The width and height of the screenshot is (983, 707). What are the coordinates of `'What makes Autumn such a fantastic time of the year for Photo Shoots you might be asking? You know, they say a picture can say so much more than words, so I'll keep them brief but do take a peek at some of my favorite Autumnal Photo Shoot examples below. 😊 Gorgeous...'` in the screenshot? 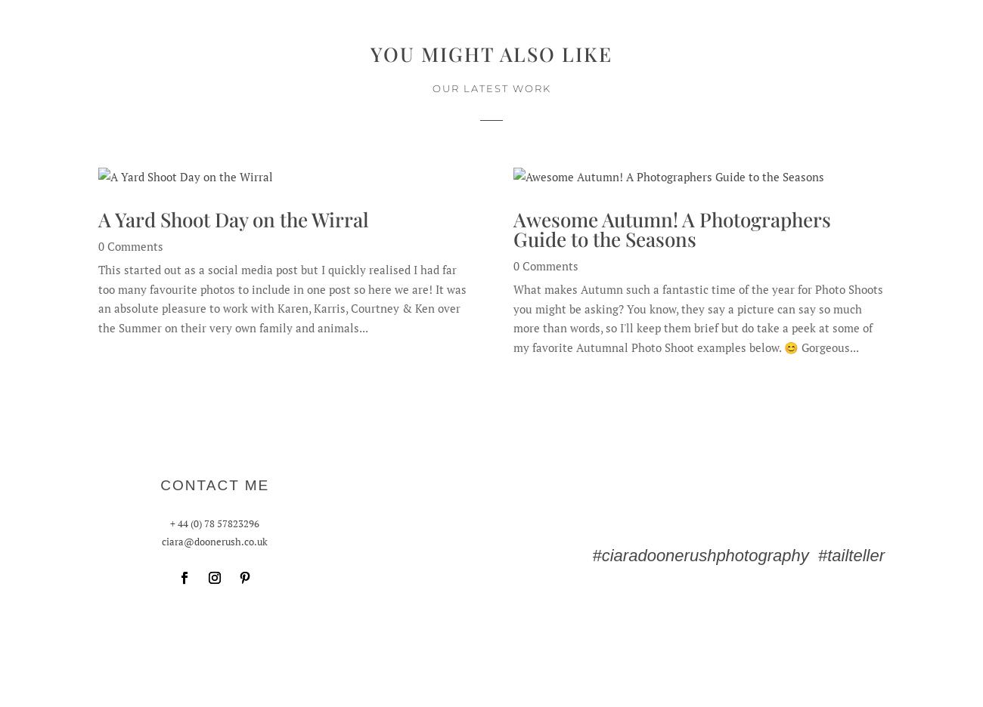 It's located at (697, 317).